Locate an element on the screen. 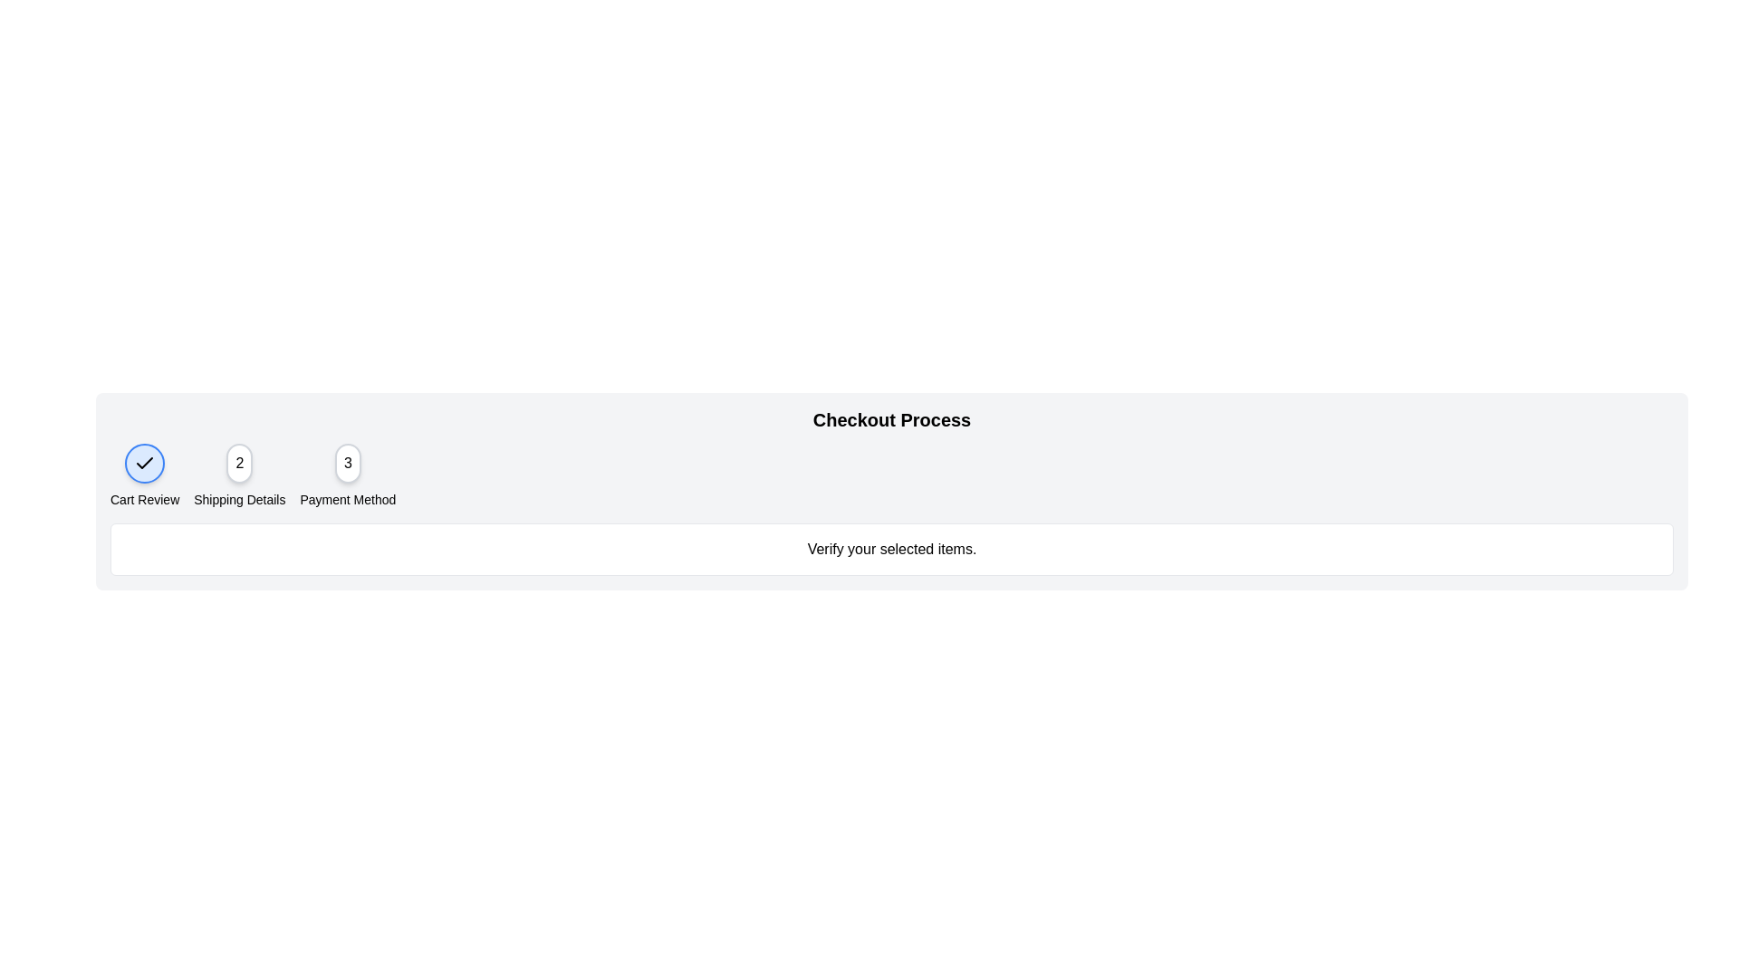 This screenshot has width=1739, height=978. the circular badge with the number '2' that indicates the second step in the progress indicator, which is located above the 'Shipping Details' label is located at coordinates (238, 463).